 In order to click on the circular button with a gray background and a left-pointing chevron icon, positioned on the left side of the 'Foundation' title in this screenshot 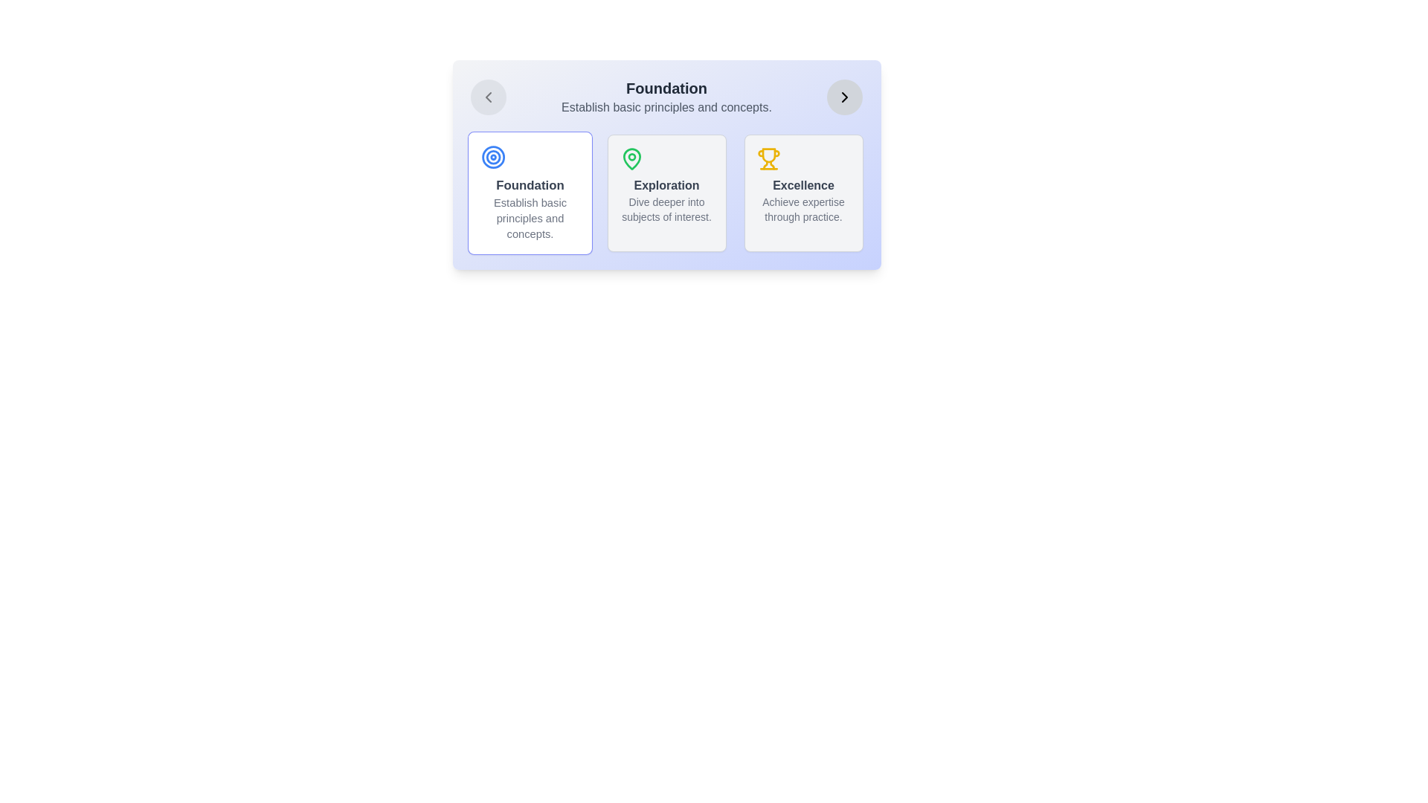, I will do `click(488, 97)`.